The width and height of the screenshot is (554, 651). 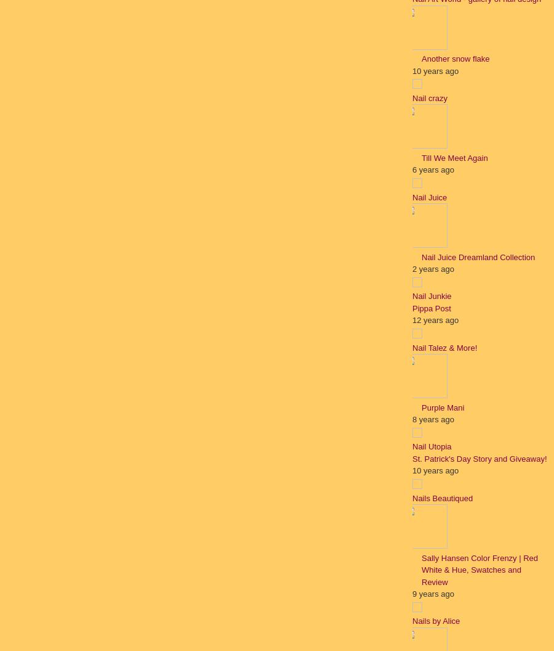 I want to click on '12 years ago', so click(x=435, y=319).